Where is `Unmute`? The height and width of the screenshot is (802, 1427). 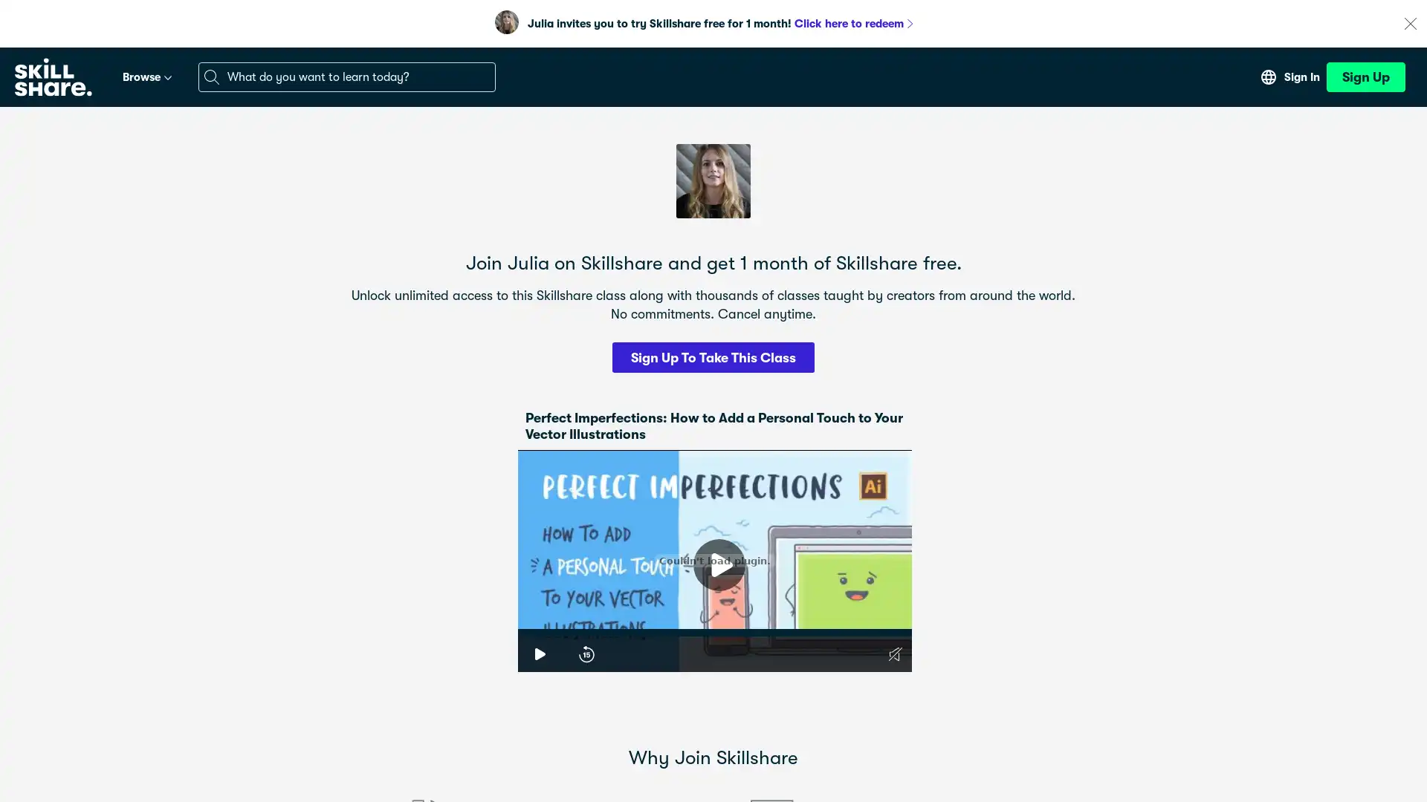
Unmute is located at coordinates (894, 652).